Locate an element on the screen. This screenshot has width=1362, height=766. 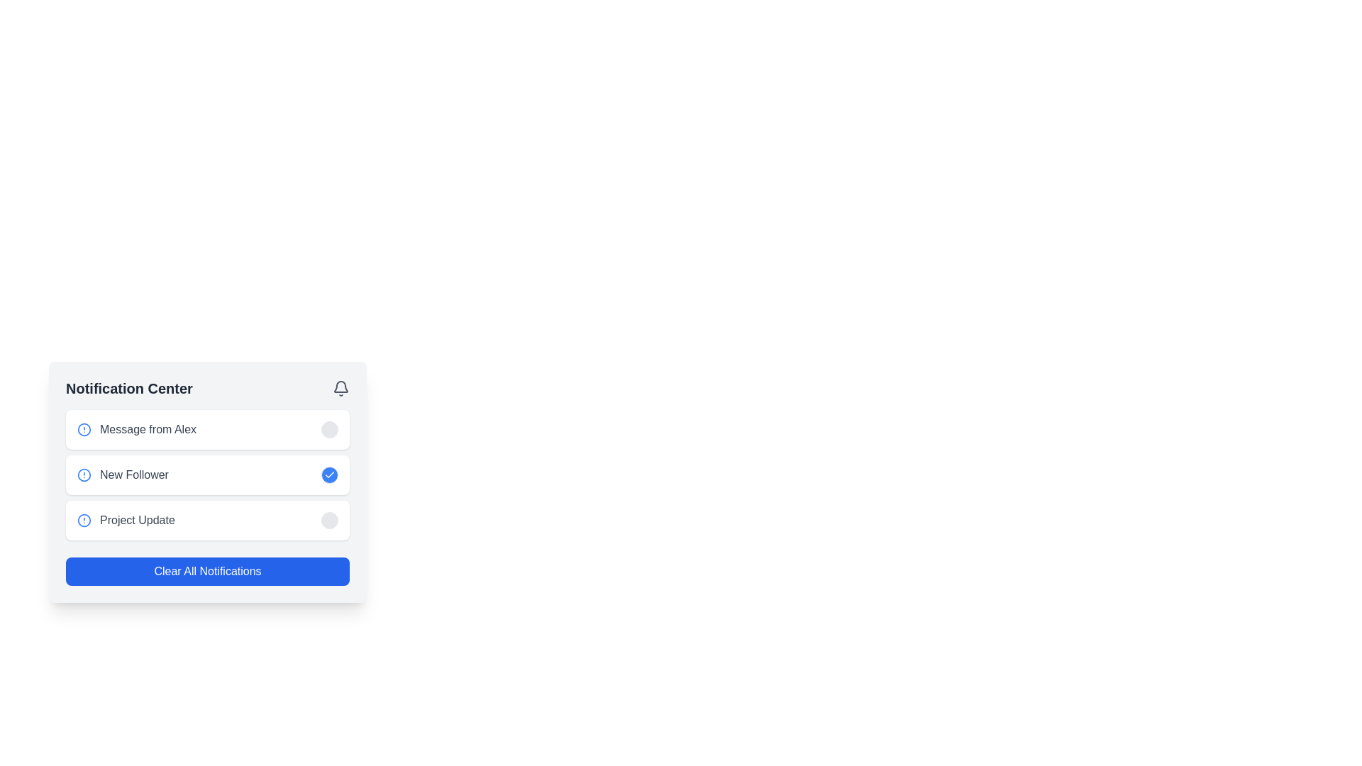
the completion indicator icon located in the third notification item under 'Notification Center', aligned vertically with 'New Follower' is located at coordinates (329, 475).